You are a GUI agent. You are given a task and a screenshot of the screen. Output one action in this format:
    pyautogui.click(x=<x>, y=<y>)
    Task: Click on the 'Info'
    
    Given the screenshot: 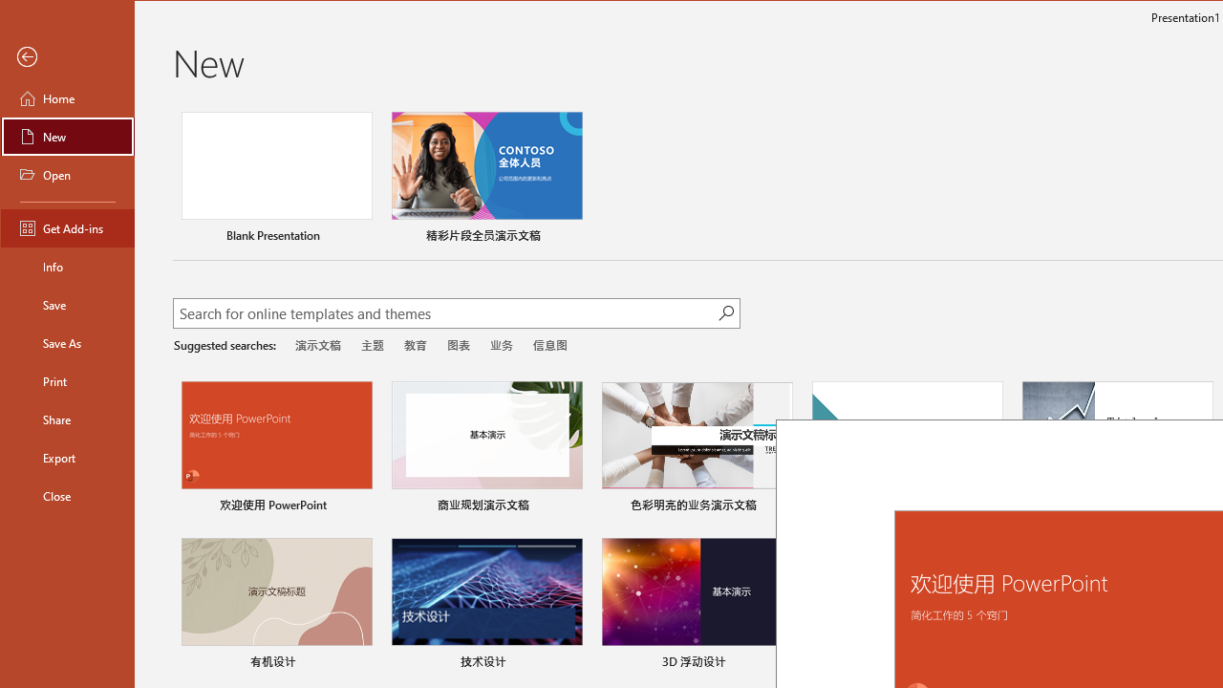 What is the action you would take?
    pyautogui.click(x=68, y=267)
    